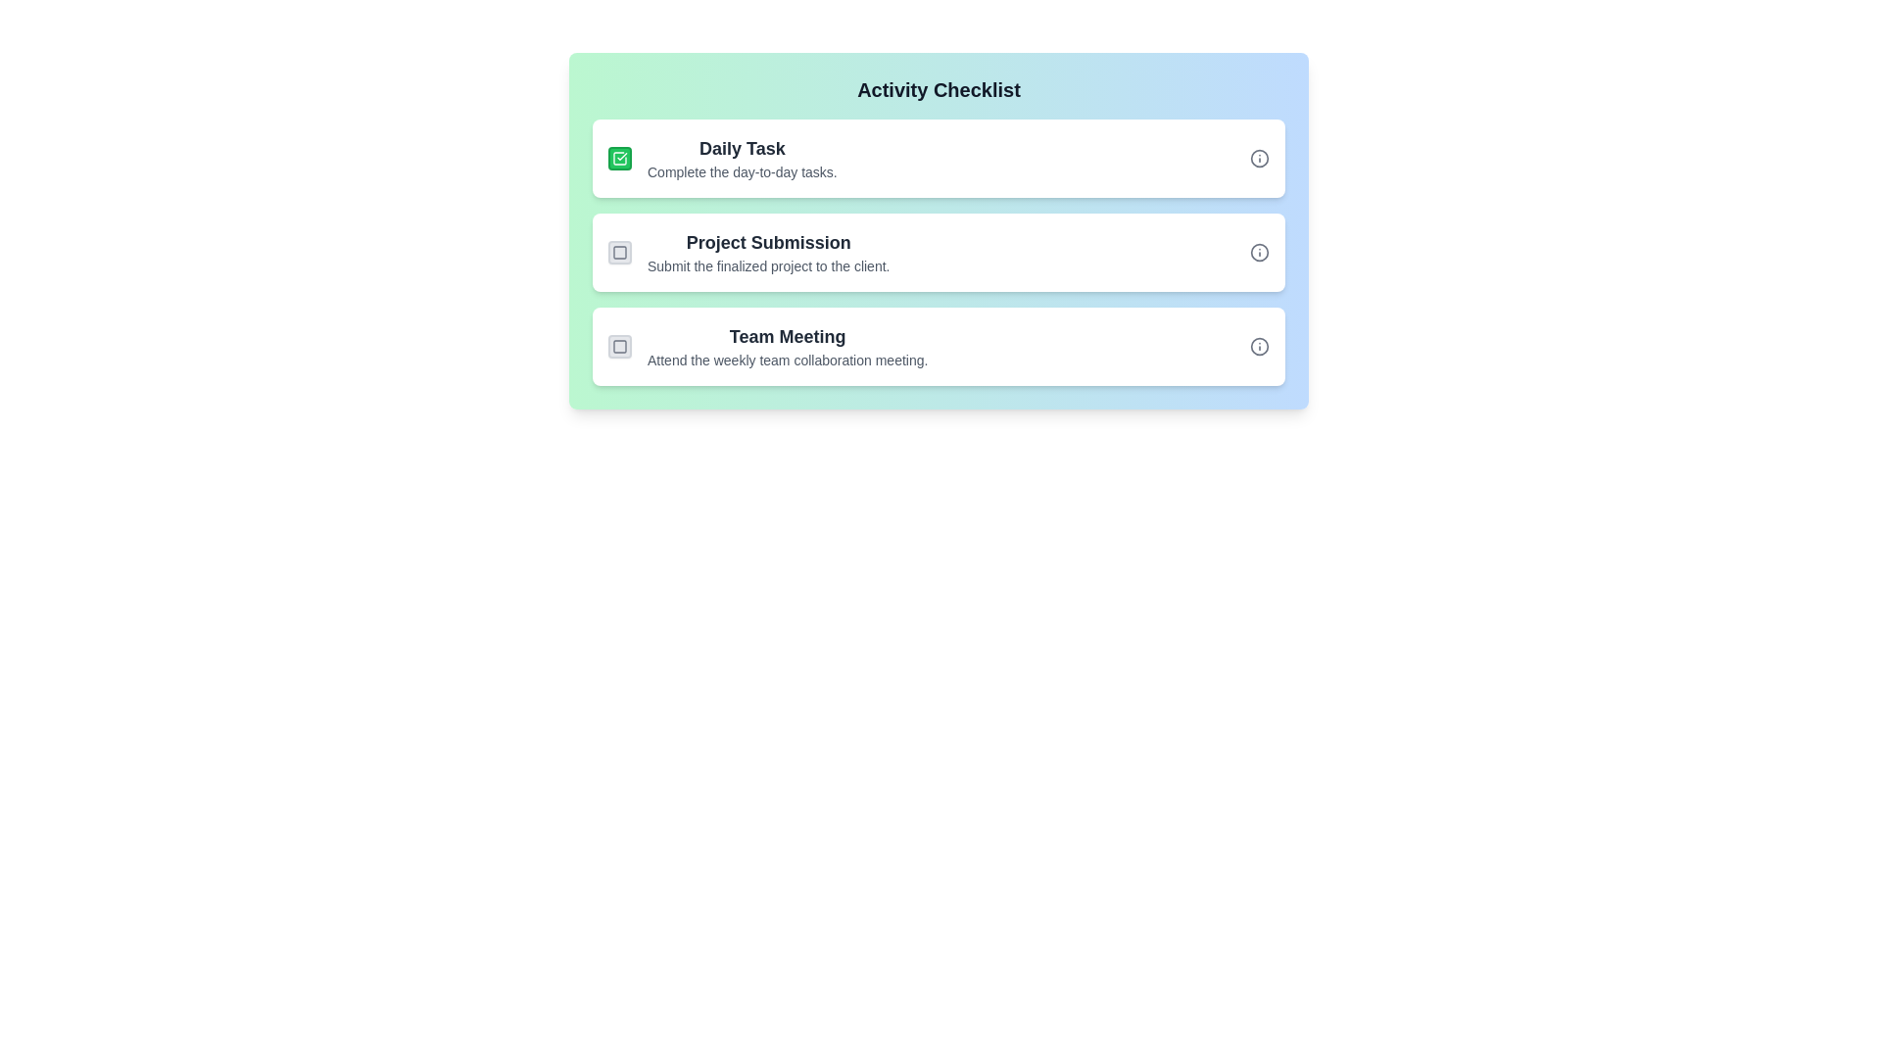  What do you see at coordinates (767, 241) in the screenshot?
I see `the text label displaying 'Project Submission', which is styled with a bold font and dark gray color, centrally located within the second card from the top` at bounding box center [767, 241].